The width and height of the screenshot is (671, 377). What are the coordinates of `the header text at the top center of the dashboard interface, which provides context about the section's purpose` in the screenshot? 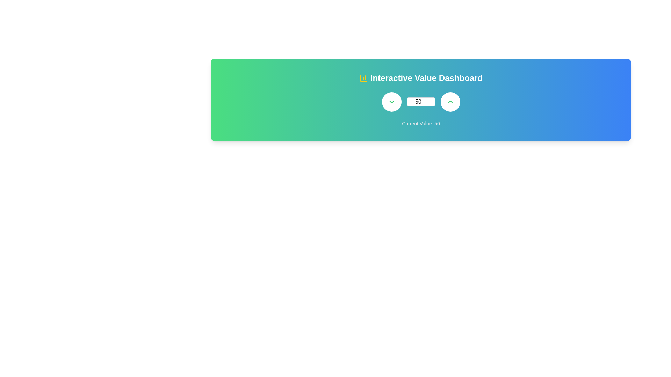 It's located at (426, 78).